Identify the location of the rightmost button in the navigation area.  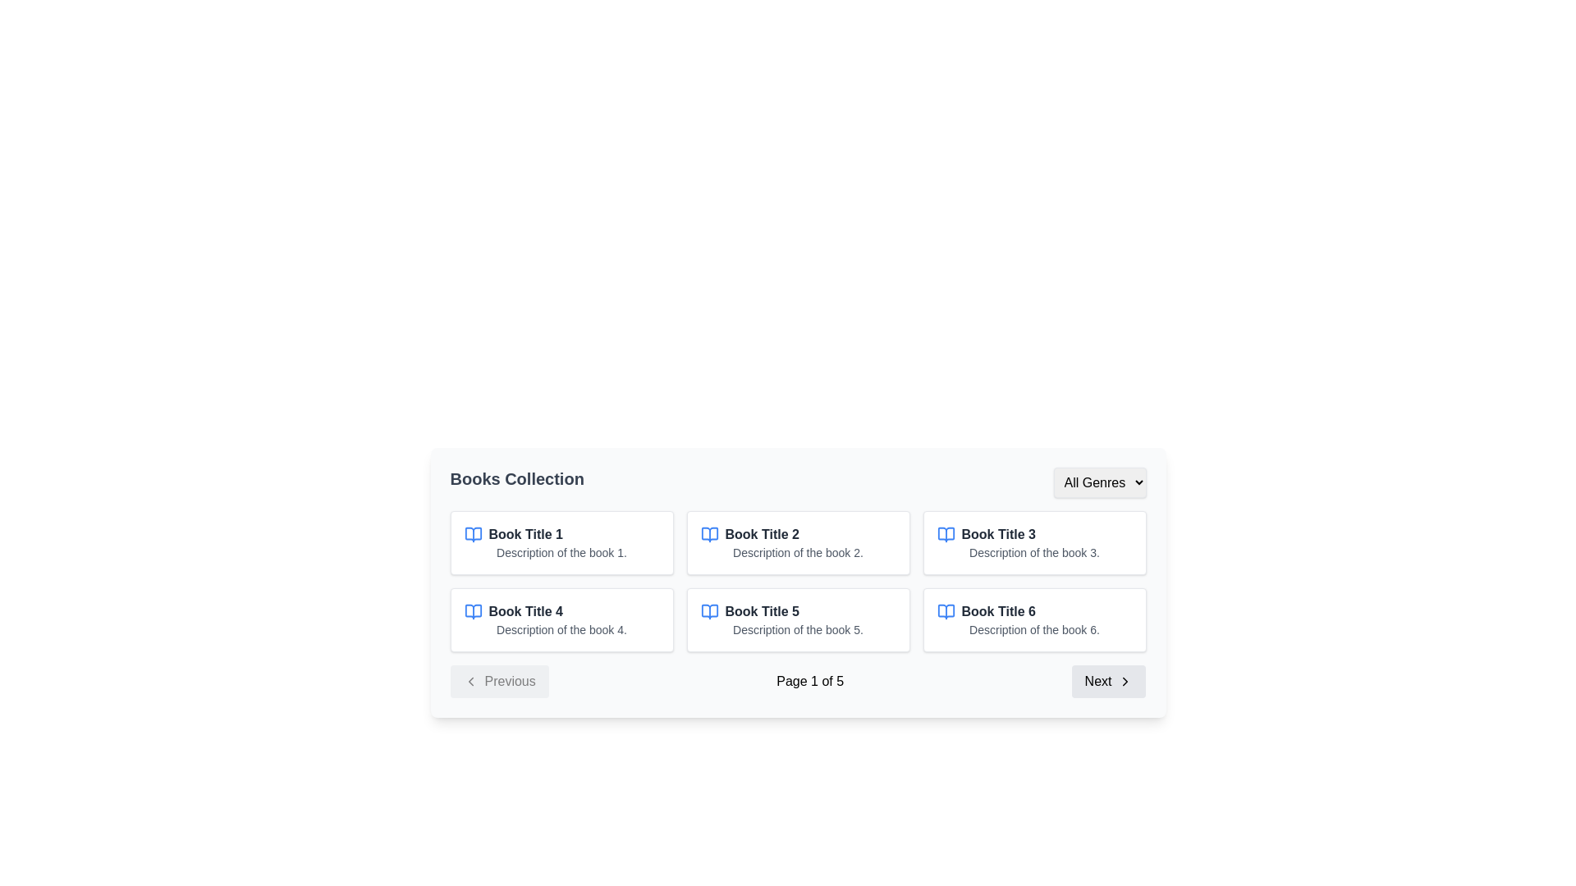
(1109, 681).